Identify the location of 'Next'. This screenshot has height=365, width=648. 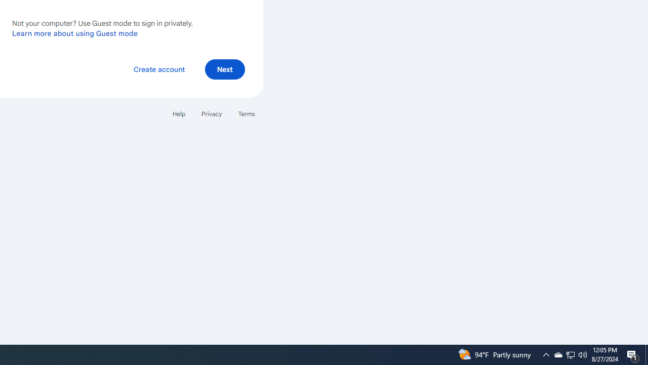
(224, 68).